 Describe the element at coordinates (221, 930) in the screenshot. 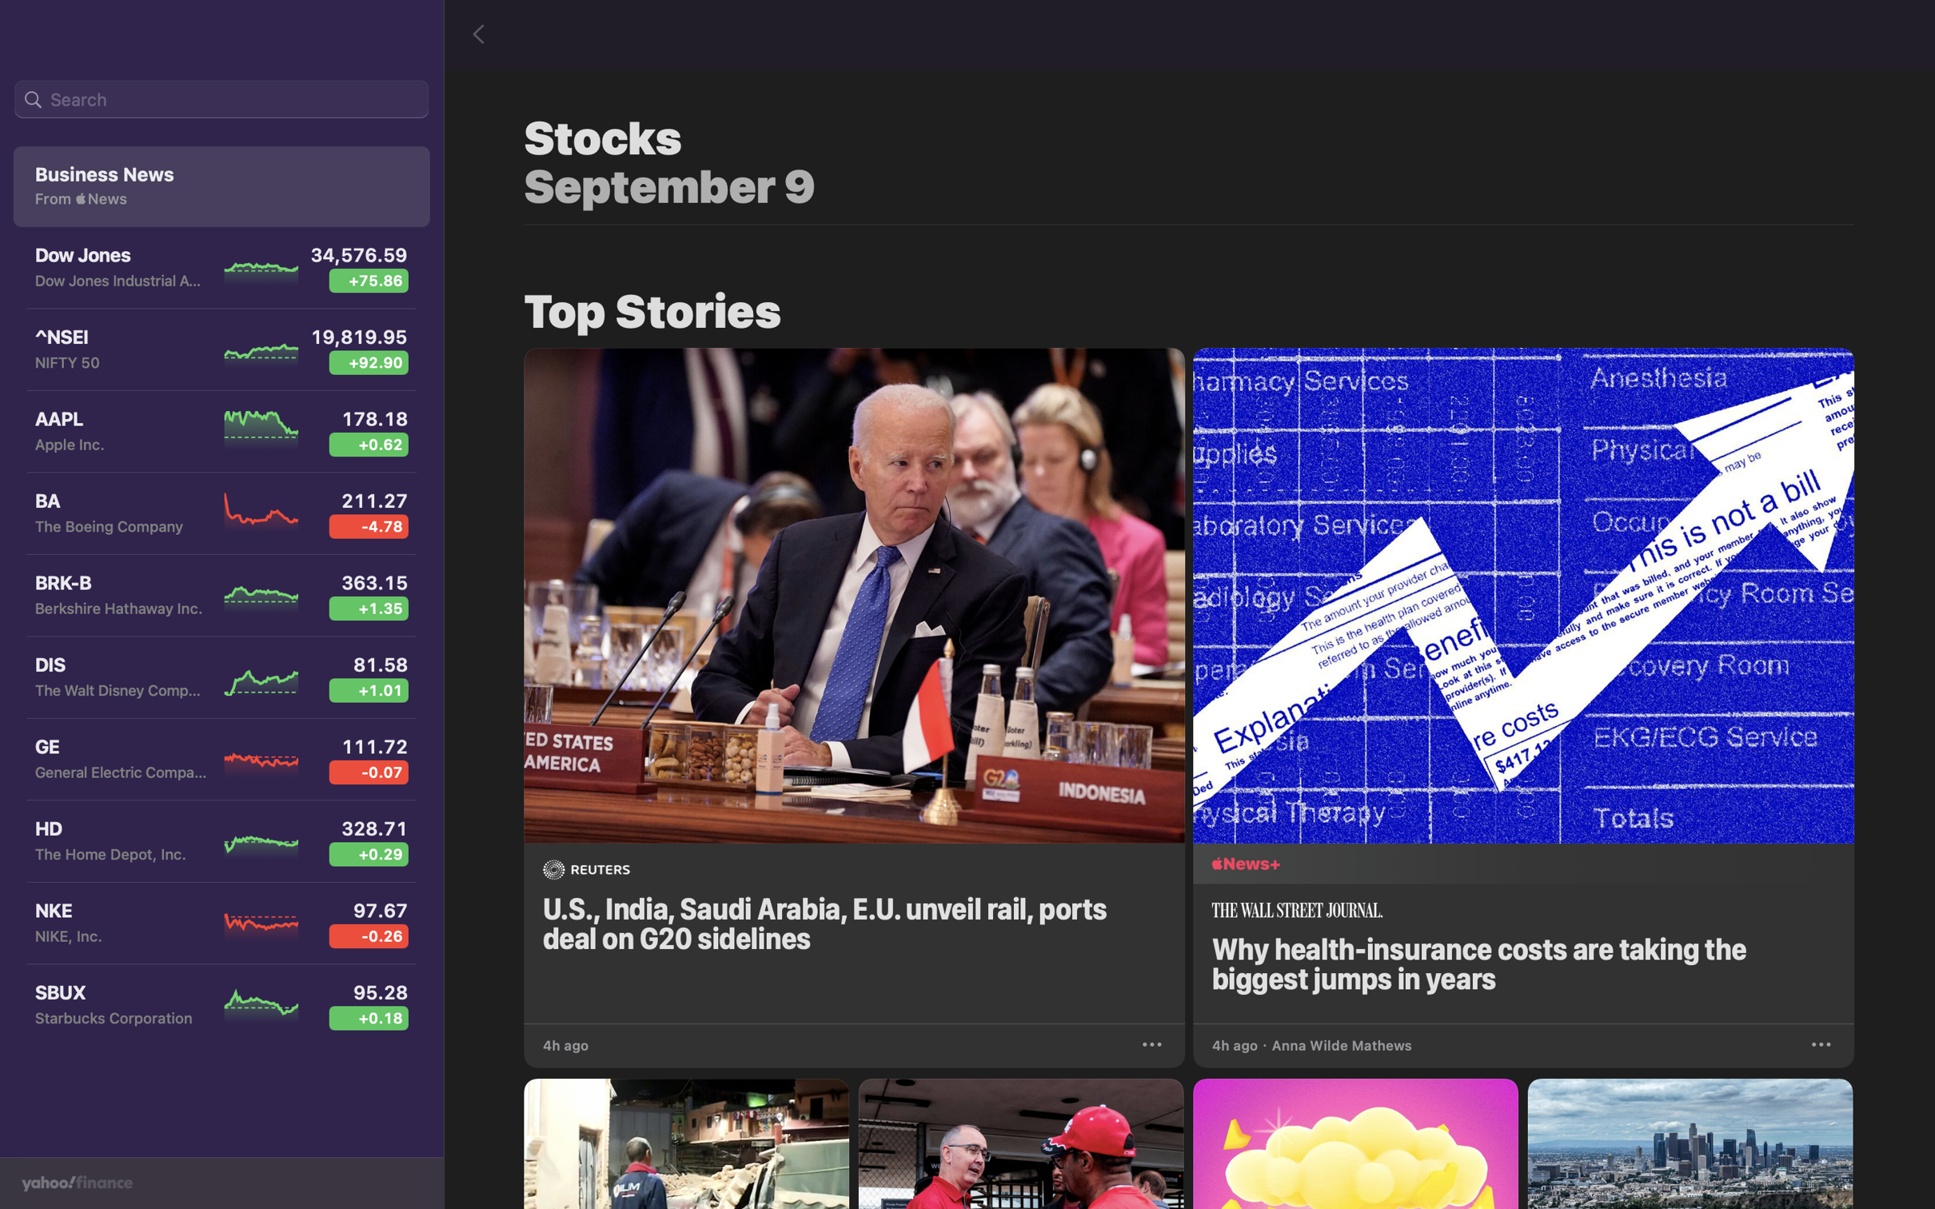

I see `the Nike stock for additional information` at that location.